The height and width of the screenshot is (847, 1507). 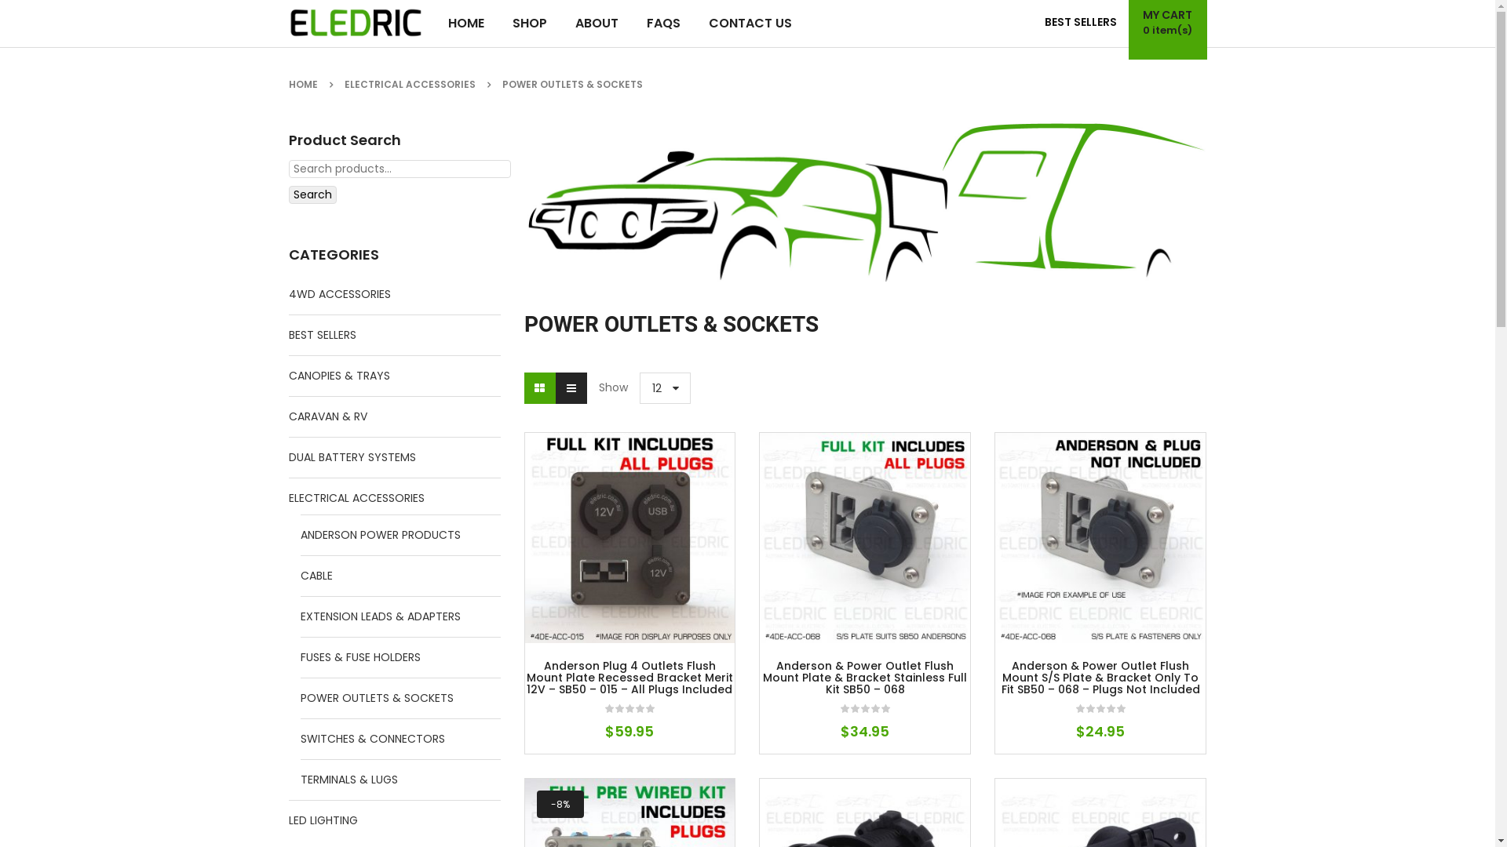 What do you see at coordinates (571, 387) in the screenshot?
I see `'List view'` at bounding box center [571, 387].